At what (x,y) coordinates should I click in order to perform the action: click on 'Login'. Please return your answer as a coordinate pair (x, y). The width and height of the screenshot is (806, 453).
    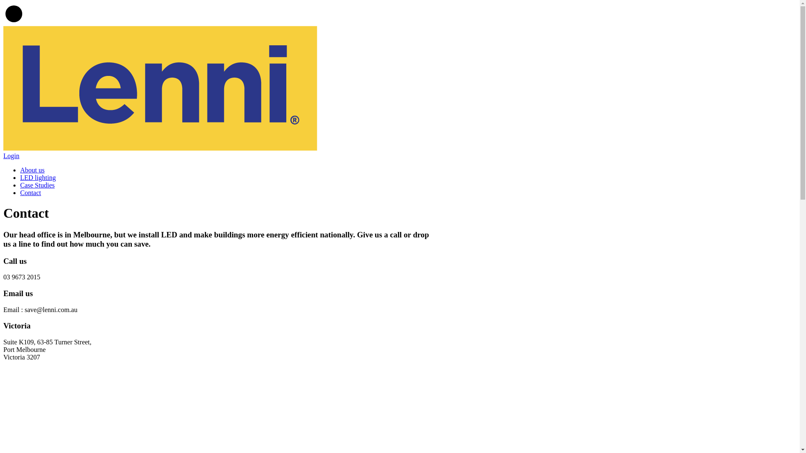
    Looking at the image, I should click on (11, 156).